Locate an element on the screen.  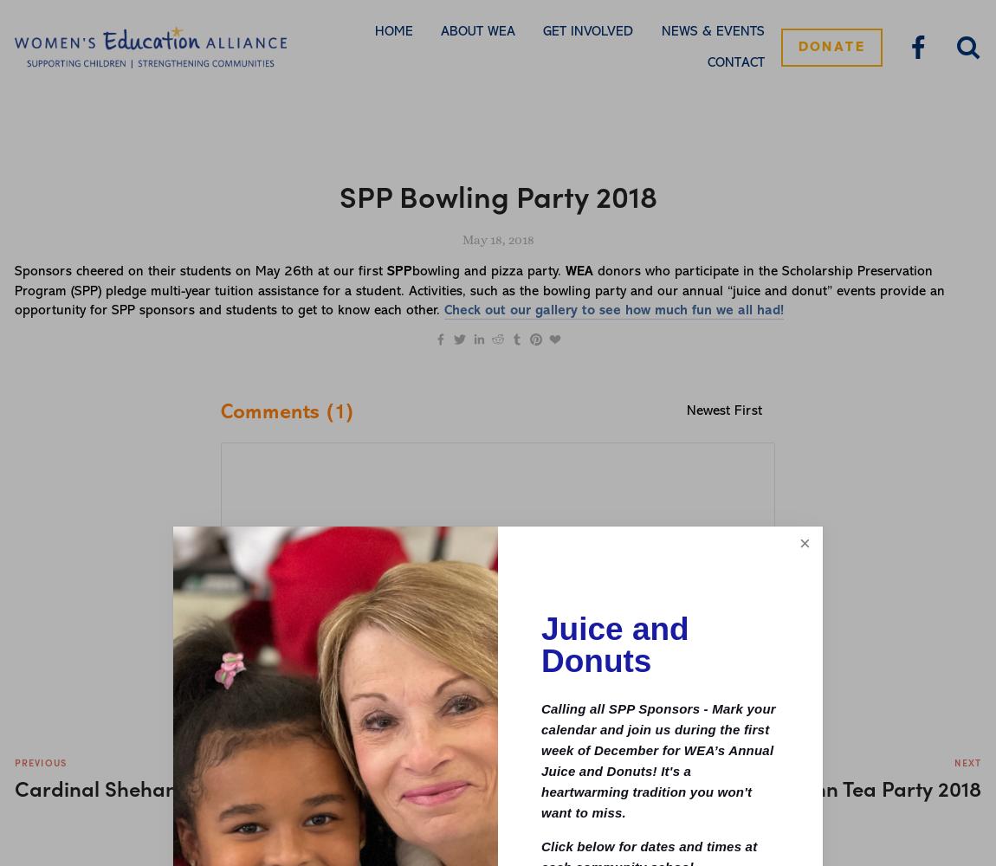
'Contact' is located at coordinates (734, 61).